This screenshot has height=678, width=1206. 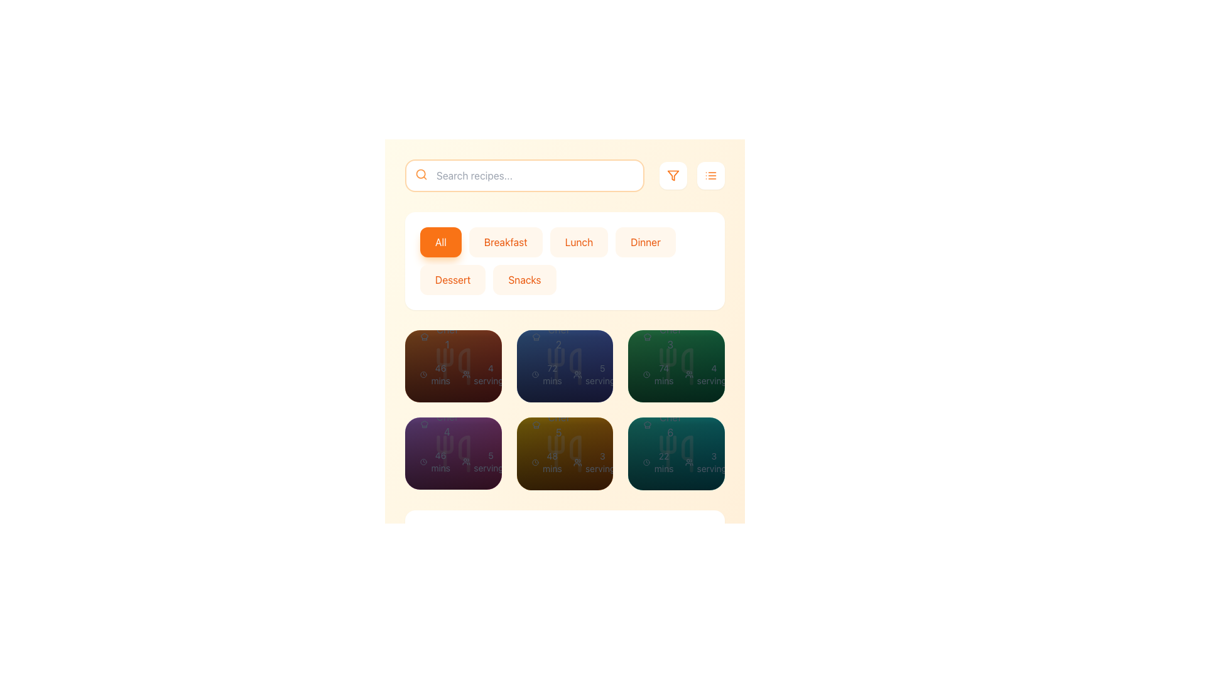 What do you see at coordinates (652, 374) in the screenshot?
I see `the 'Medium' difficulty level text label, which indicates the recipe's difficulty and is located in the third column of the second row of a grid layout, at the end of a text group that includes '72 mins' and '5 servings'` at bounding box center [652, 374].